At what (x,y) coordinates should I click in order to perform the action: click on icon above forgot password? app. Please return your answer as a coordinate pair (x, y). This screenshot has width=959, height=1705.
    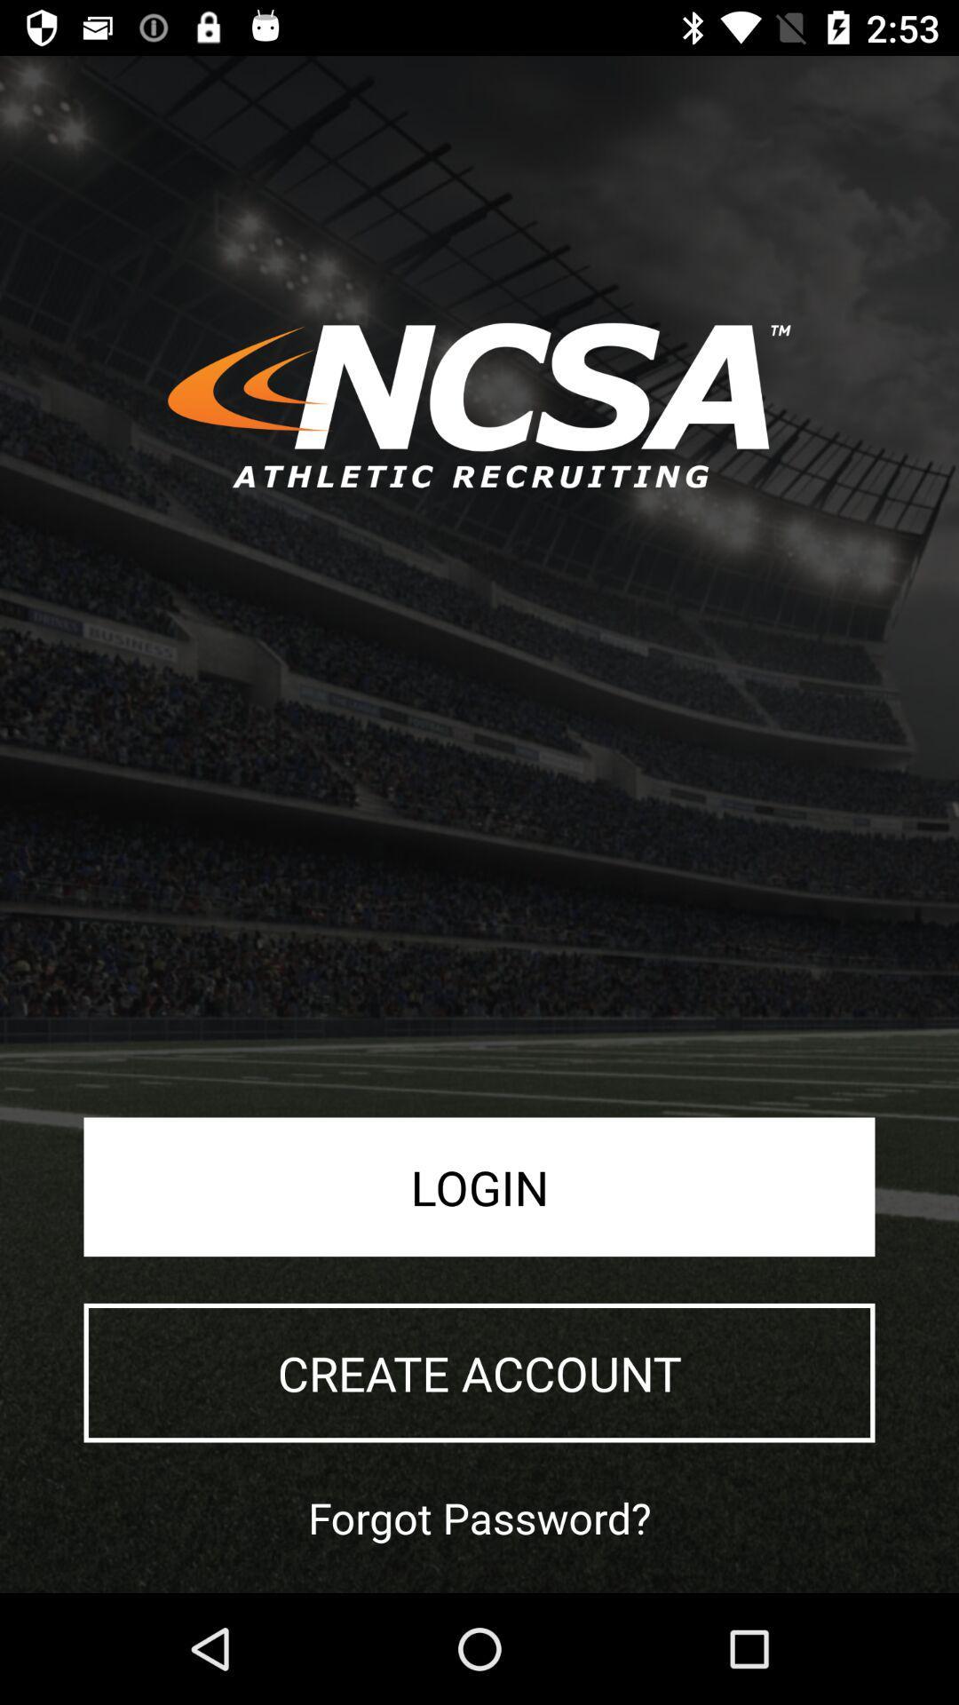
    Looking at the image, I should click on (479, 1372).